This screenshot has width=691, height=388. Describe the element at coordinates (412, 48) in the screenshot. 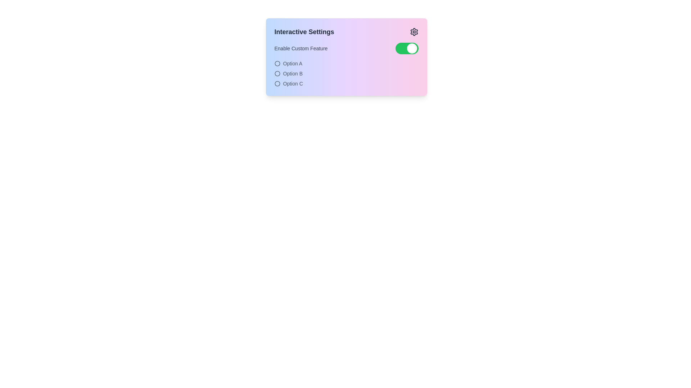

I see `the circular white toggle handle on the right side of the green toggle switch` at that location.